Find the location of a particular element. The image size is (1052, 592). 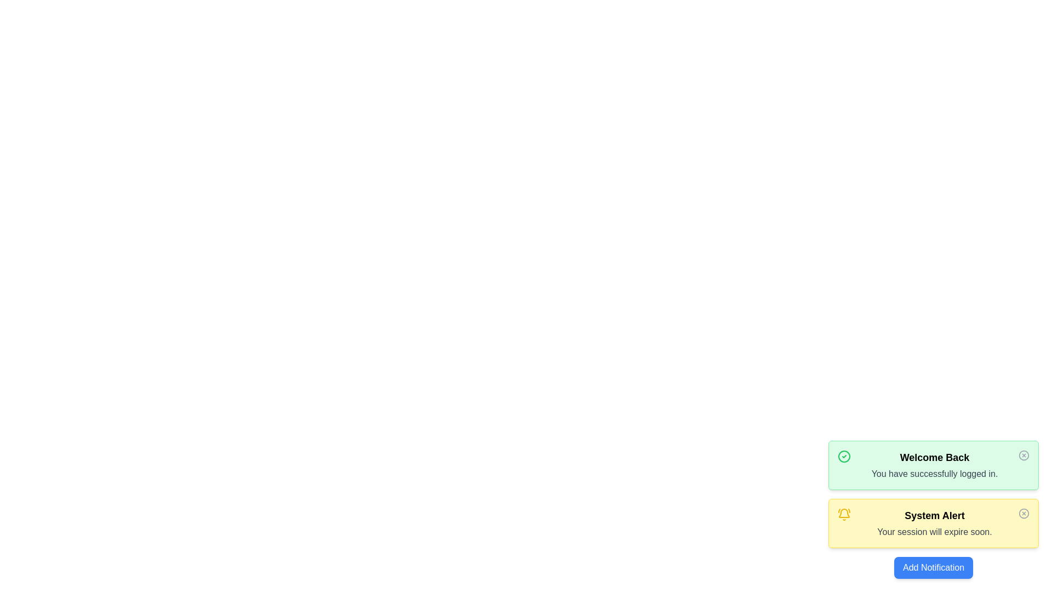

the second notification card is located at coordinates (933, 509).